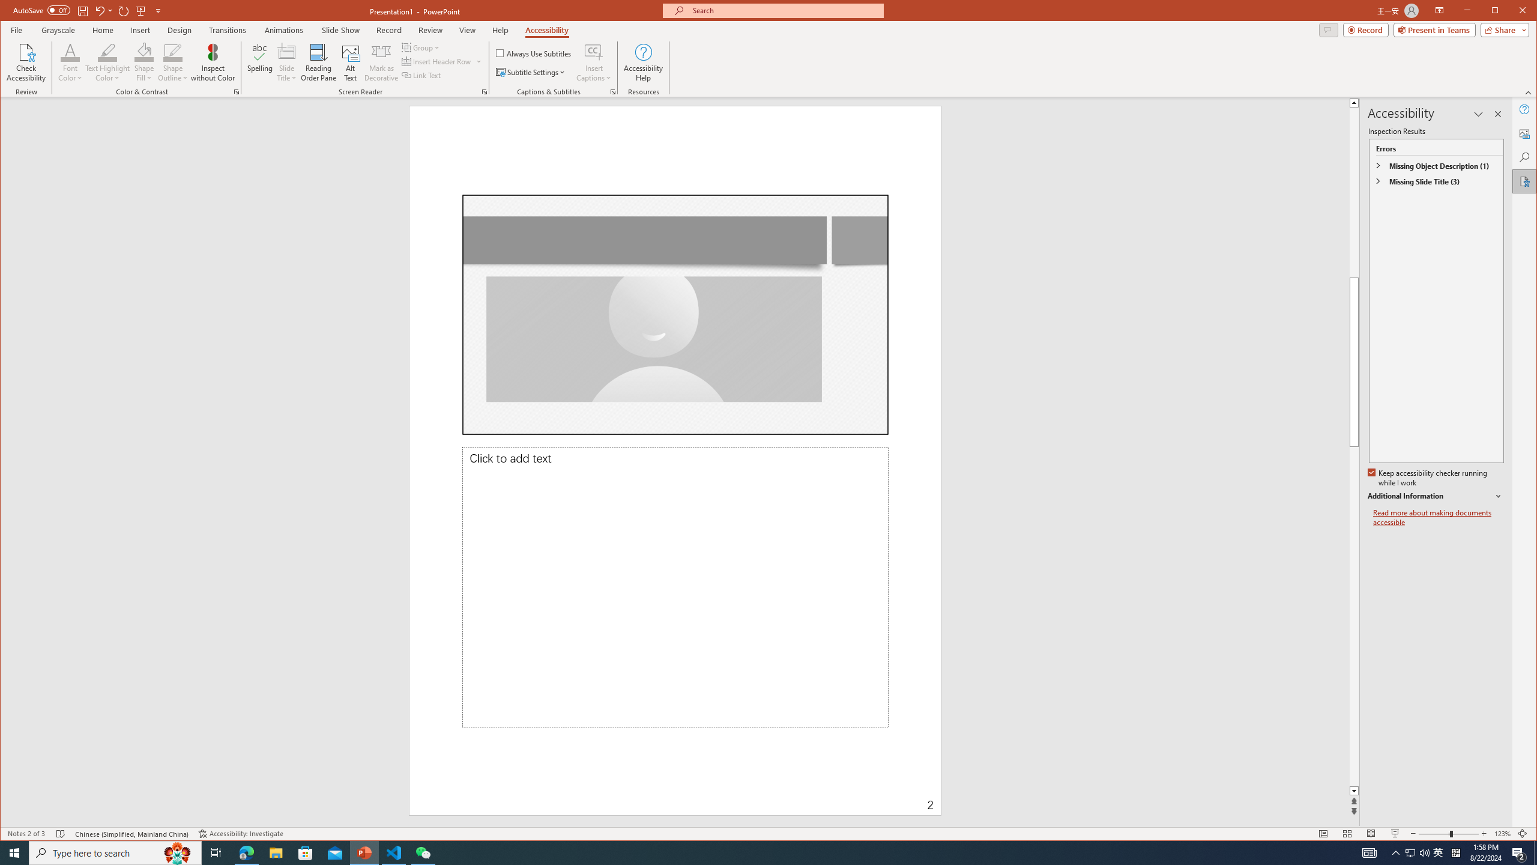  Describe the element at coordinates (107, 62) in the screenshot. I see `'Text Highlight Color'` at that location.